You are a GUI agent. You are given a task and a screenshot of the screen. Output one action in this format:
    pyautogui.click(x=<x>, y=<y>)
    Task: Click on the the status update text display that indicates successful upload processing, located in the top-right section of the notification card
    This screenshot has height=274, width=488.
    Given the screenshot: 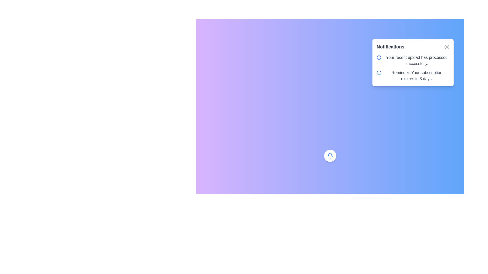 What is the action you would take?
    pyautogui.click(x=417, y=60)
    